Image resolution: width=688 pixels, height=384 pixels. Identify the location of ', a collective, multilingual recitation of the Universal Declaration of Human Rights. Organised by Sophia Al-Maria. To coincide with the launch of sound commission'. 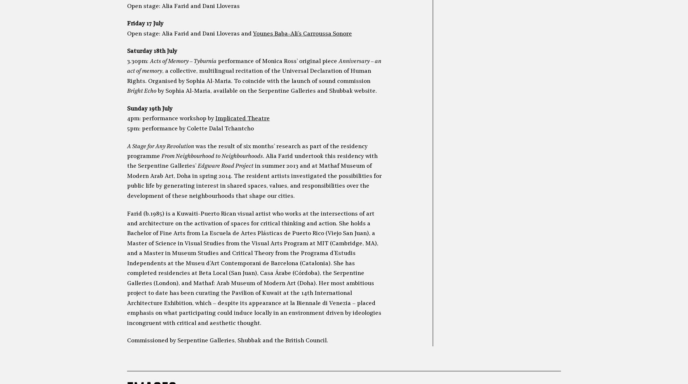
(126, 76).